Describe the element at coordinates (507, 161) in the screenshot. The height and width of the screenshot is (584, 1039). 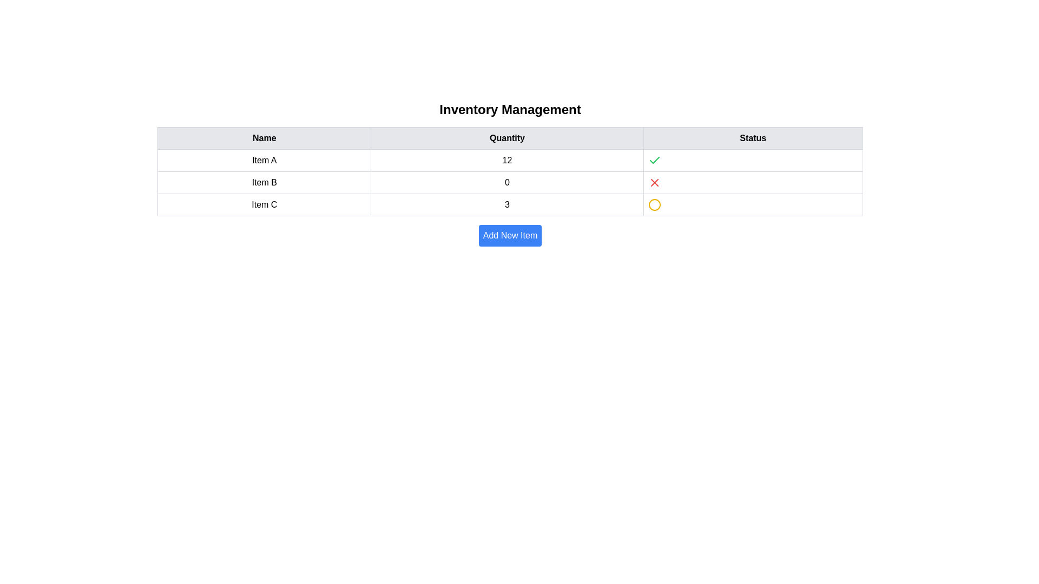
I see `the text field displaying the number '12' in the 'Quantity' column of the first row of the data table, positioned between 'Item A' and a green checkmark icon` at that location.